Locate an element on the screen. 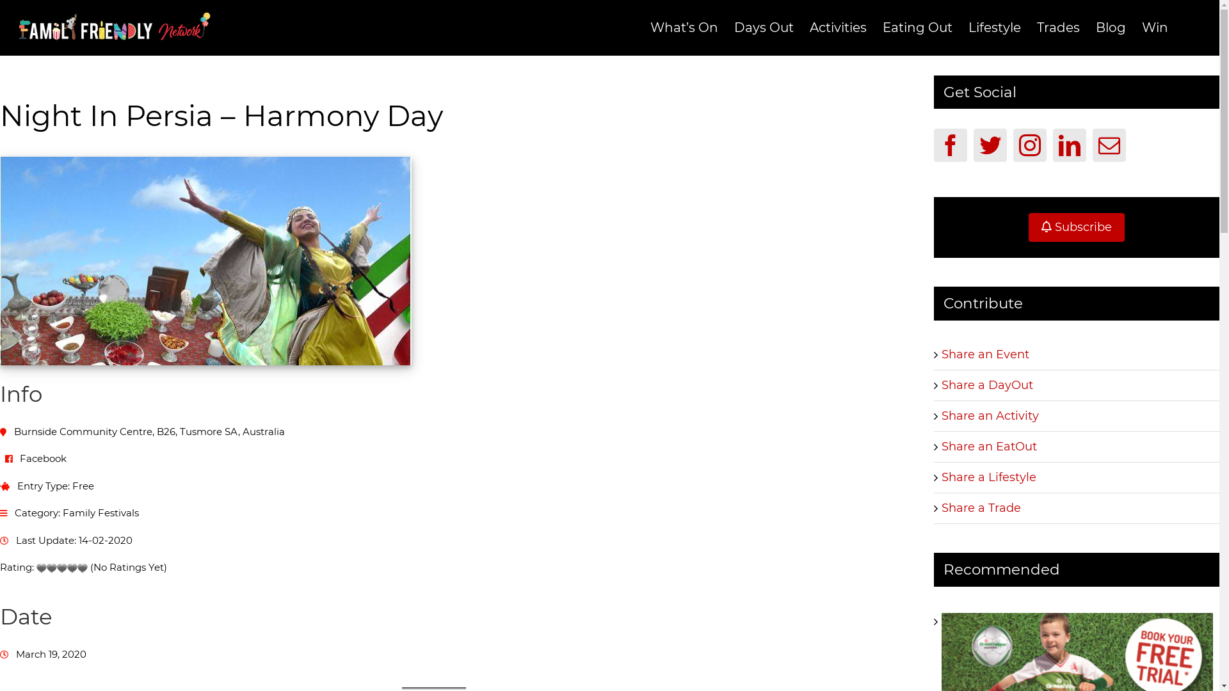  'Trades' is located at coordinates (1058, 28).